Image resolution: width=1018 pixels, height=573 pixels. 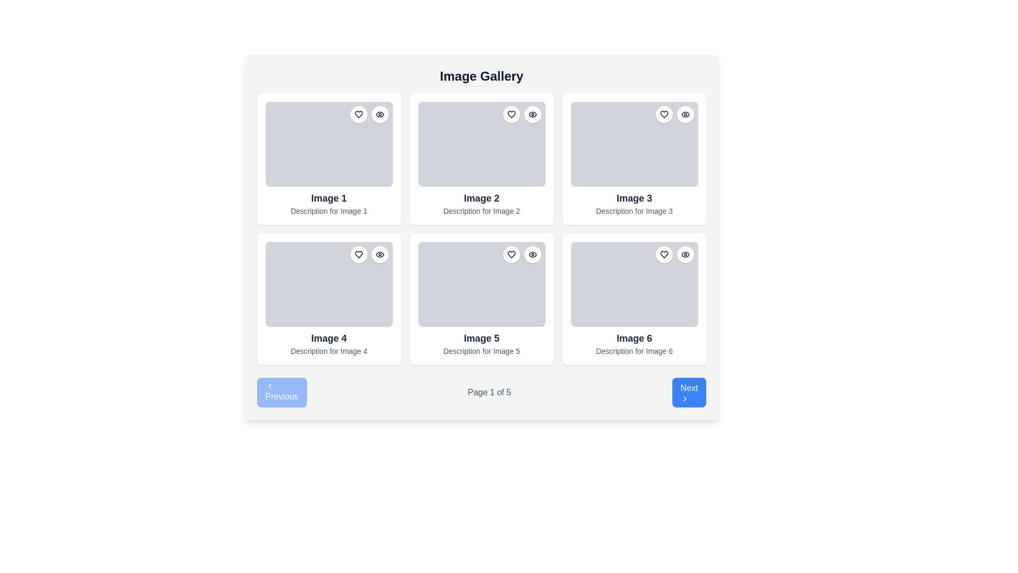 I want to click on the heart-shaped vector icon within the circular button located in the top-right corner of the image card labeled 'Image 6', so click(x=663, y=254).